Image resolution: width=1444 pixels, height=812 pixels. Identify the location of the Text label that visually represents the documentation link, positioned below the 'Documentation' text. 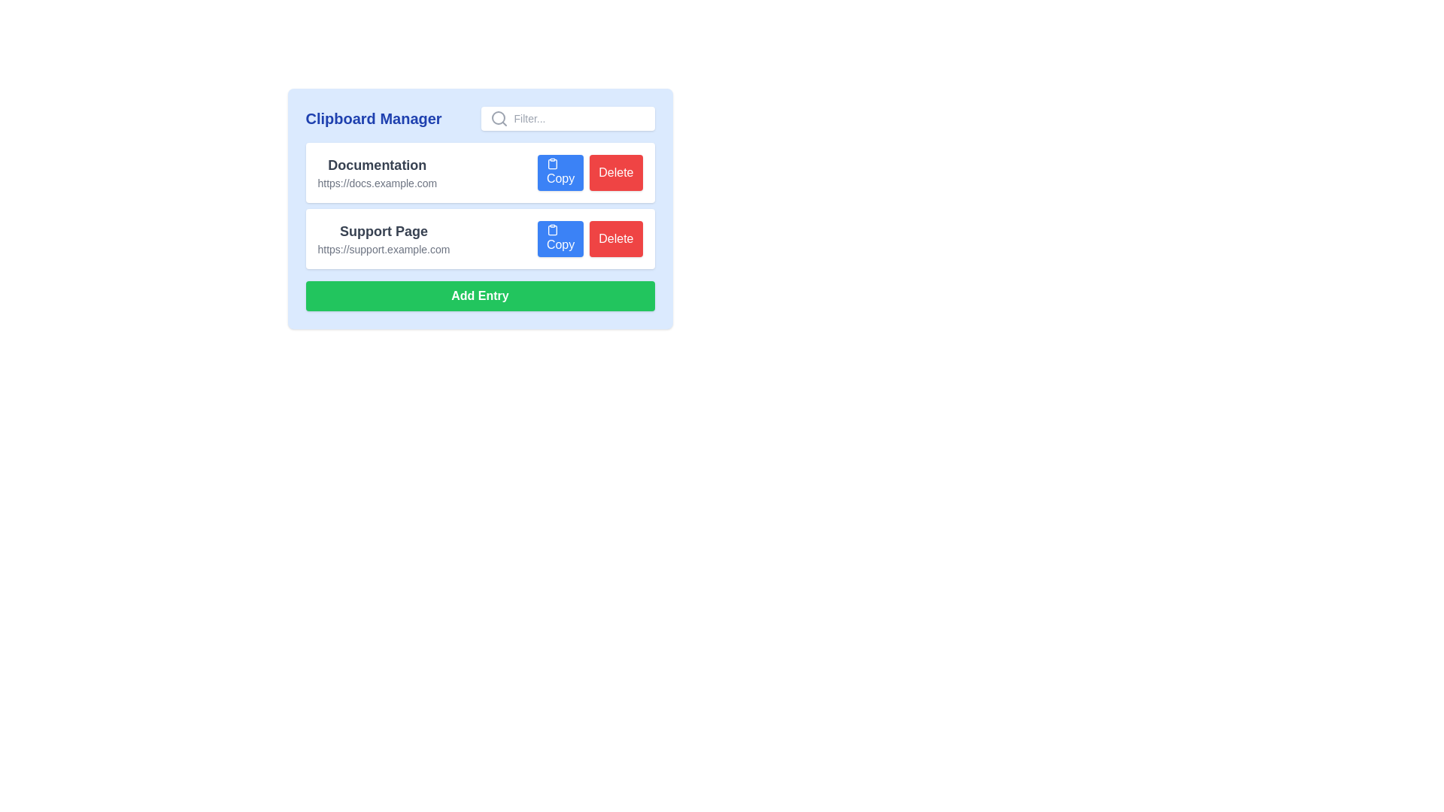
(377, 182).